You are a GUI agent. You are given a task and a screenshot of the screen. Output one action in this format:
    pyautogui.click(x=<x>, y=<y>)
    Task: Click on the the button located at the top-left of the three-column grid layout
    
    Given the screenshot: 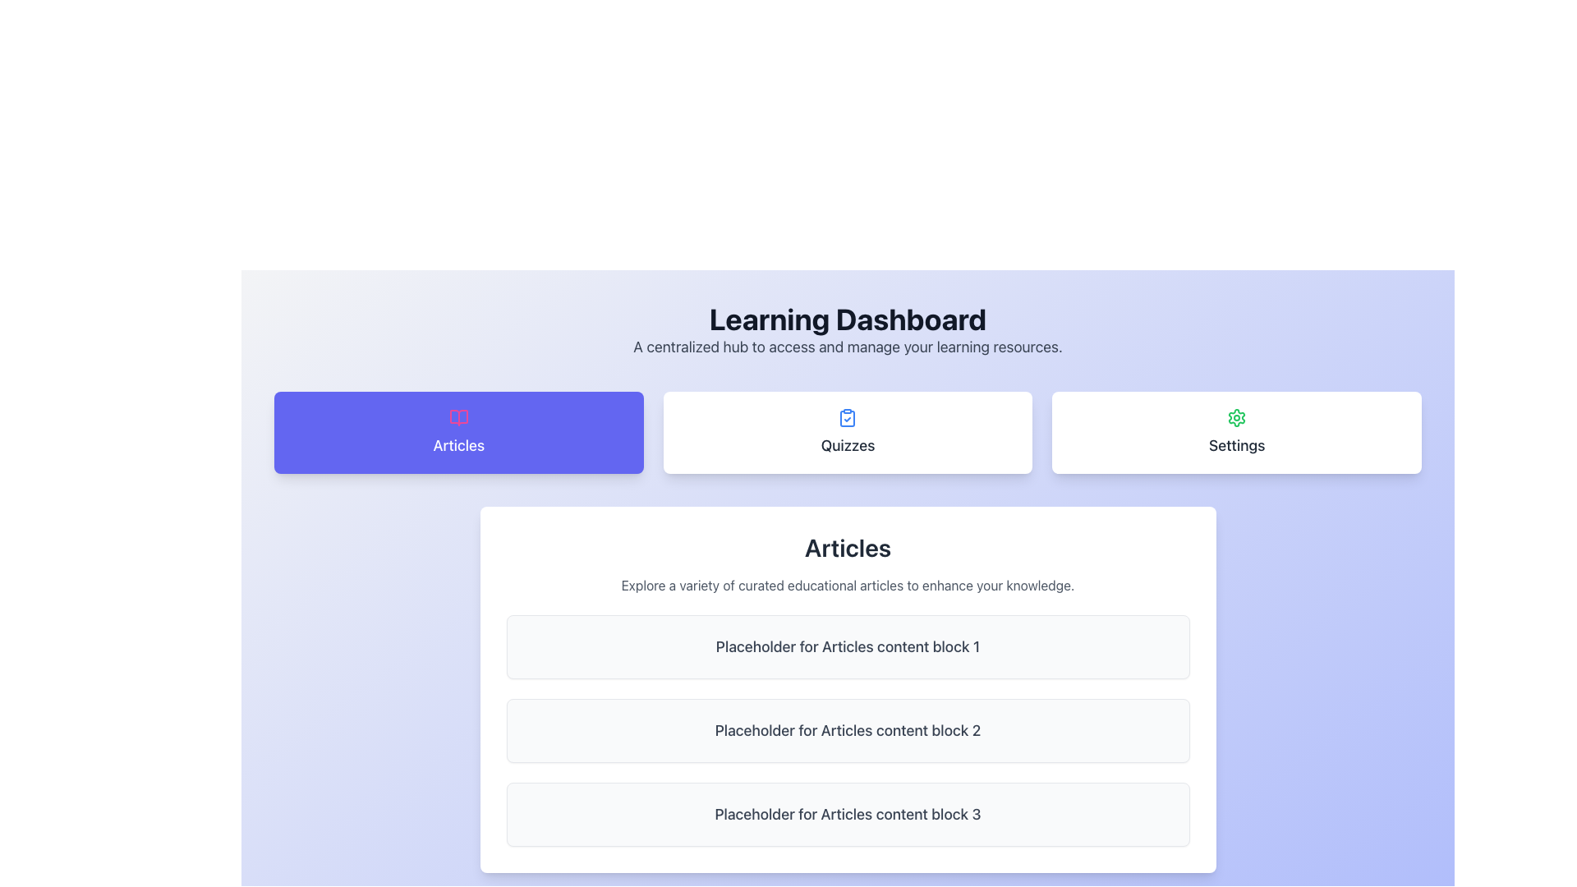 What is the action you would take?
    pyautogui.click(x=458, y=432)
    